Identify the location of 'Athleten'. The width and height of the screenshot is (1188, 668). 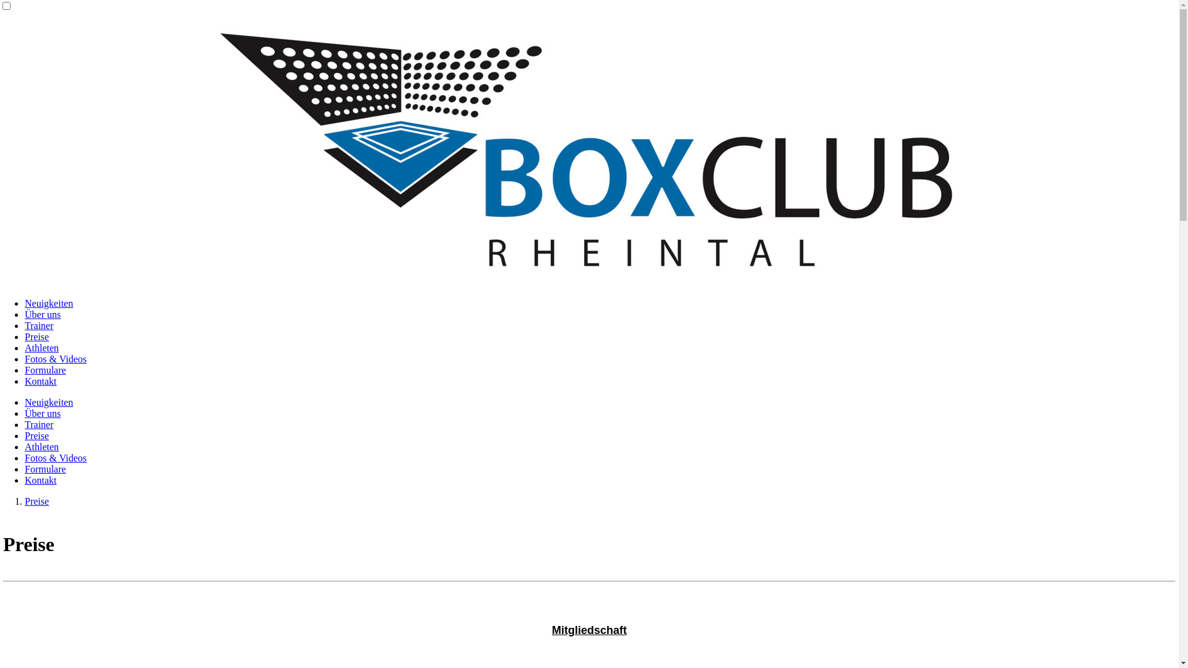
(41, 447).